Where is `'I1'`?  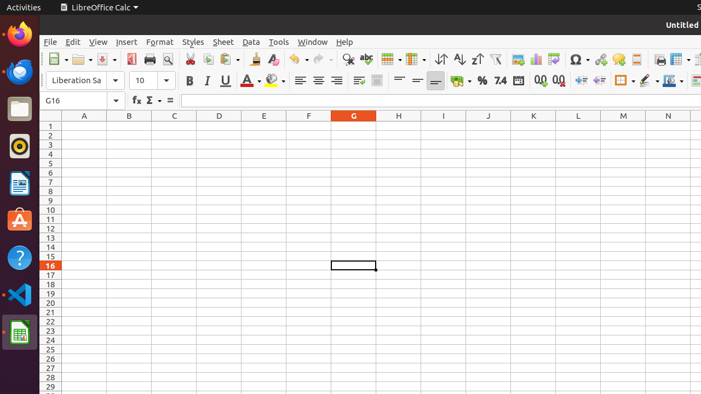
'I1' is located at coordinates (443, 125).